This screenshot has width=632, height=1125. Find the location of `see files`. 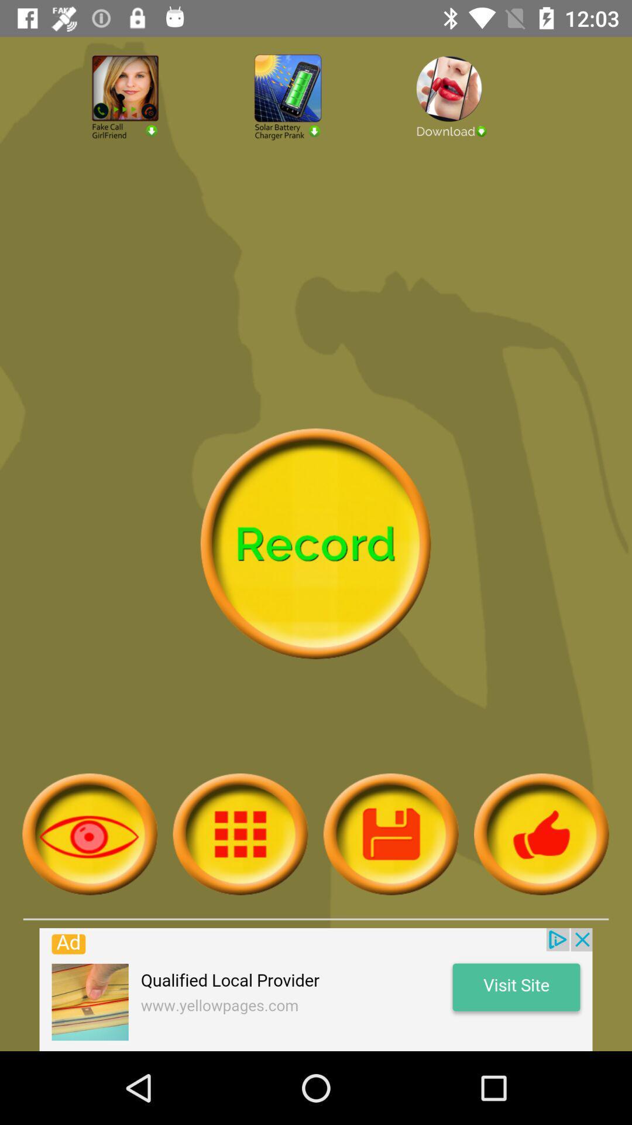

see files is located at coordinates (240, 833).